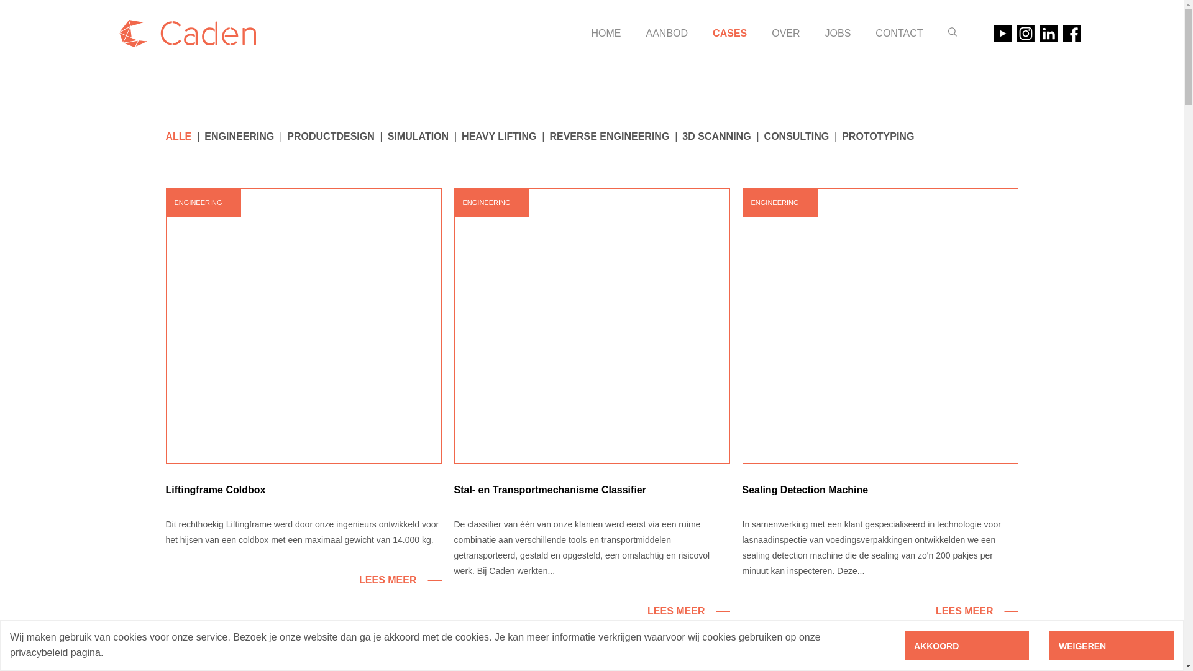  I want to click on 'HEAVY LIFTING', so click(461, 136).